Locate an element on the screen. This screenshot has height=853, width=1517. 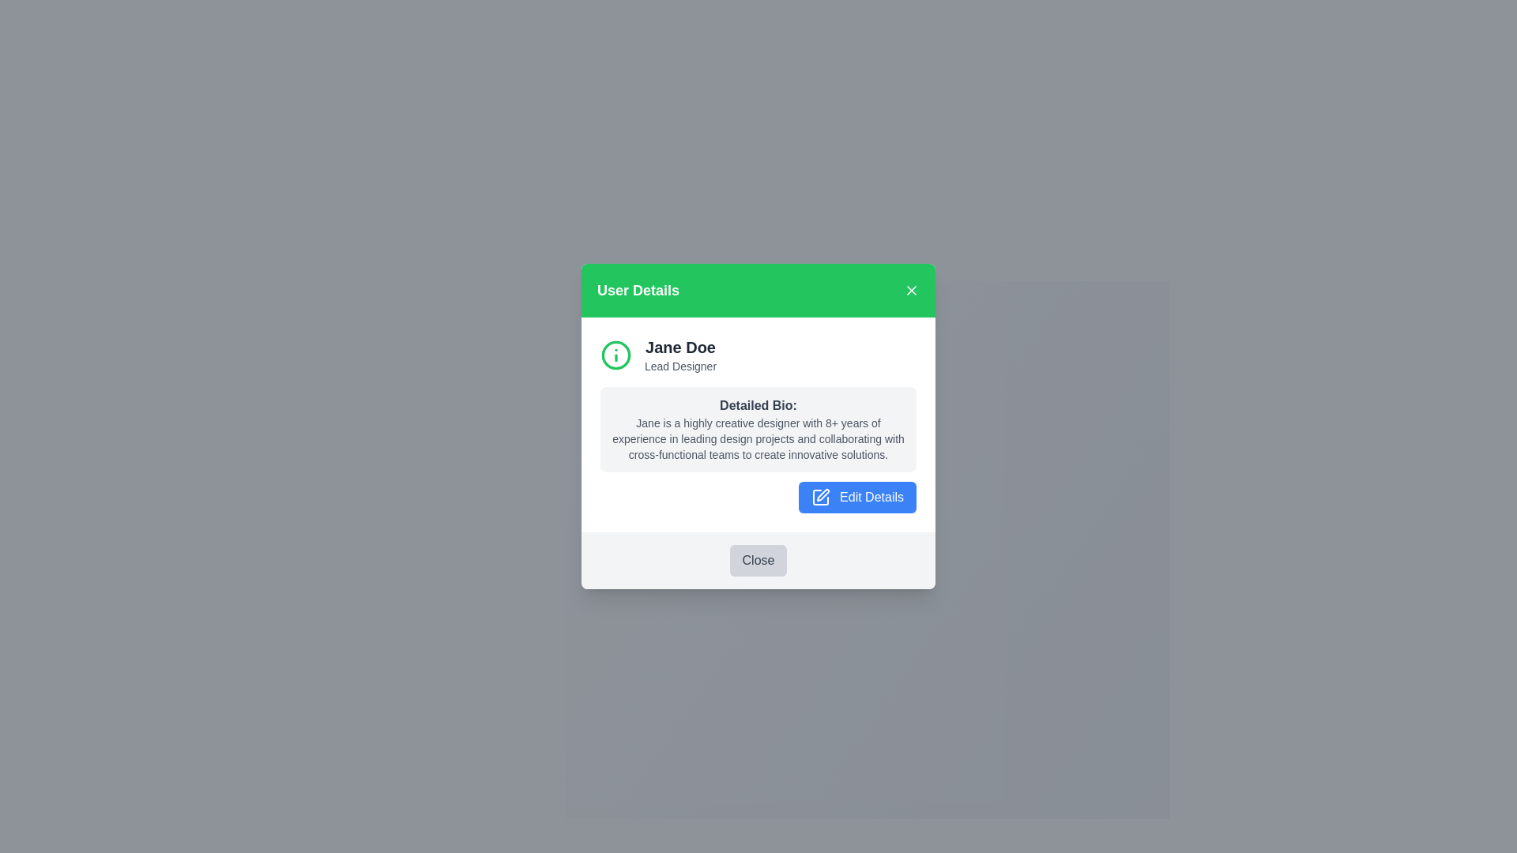
the circular green informational icon with a central 'i' symbol, located to the left of the text block containing 'Jane Doe' and 'Lead Designer' is located at coordinates (615, 353).